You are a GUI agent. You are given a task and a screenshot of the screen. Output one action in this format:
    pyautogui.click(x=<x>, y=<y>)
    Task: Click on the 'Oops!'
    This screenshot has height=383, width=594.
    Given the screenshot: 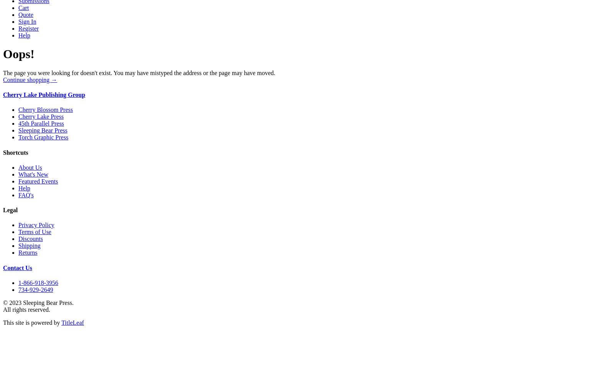 What is the action you would take?
    pyautogui.click(x=18, y=54)
    